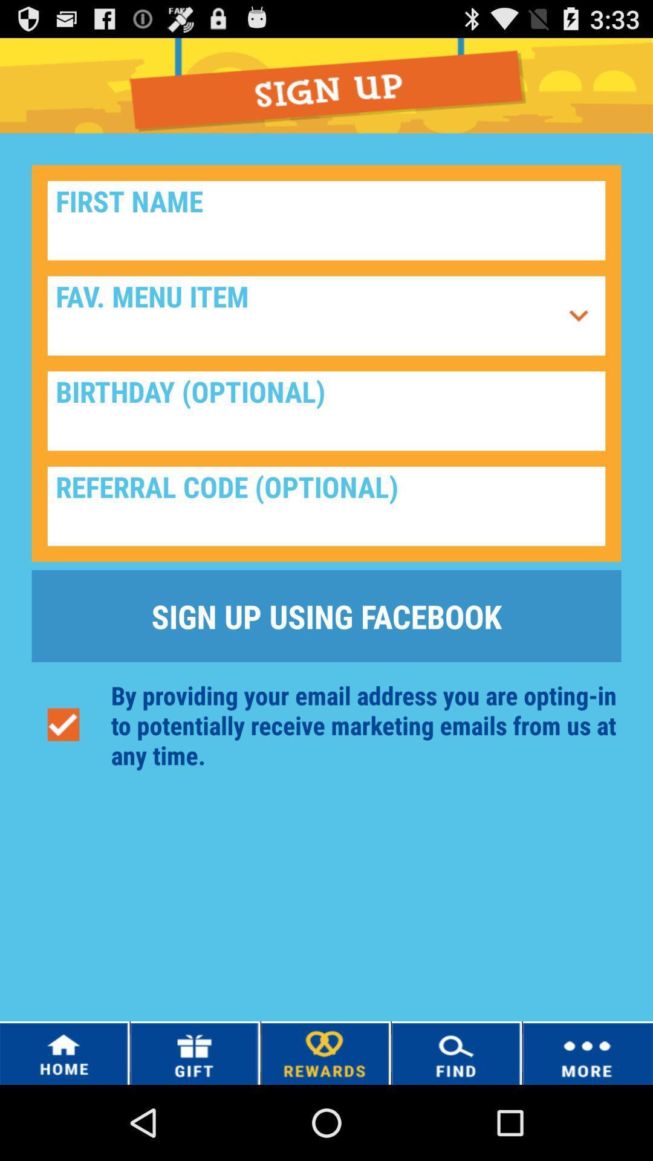 The width and height of the screenshot is (653, 1161). What do you see at coordinates (578, 316) in the screenshot?
I see `choose fav menu item` at bounding box center [578, 316].